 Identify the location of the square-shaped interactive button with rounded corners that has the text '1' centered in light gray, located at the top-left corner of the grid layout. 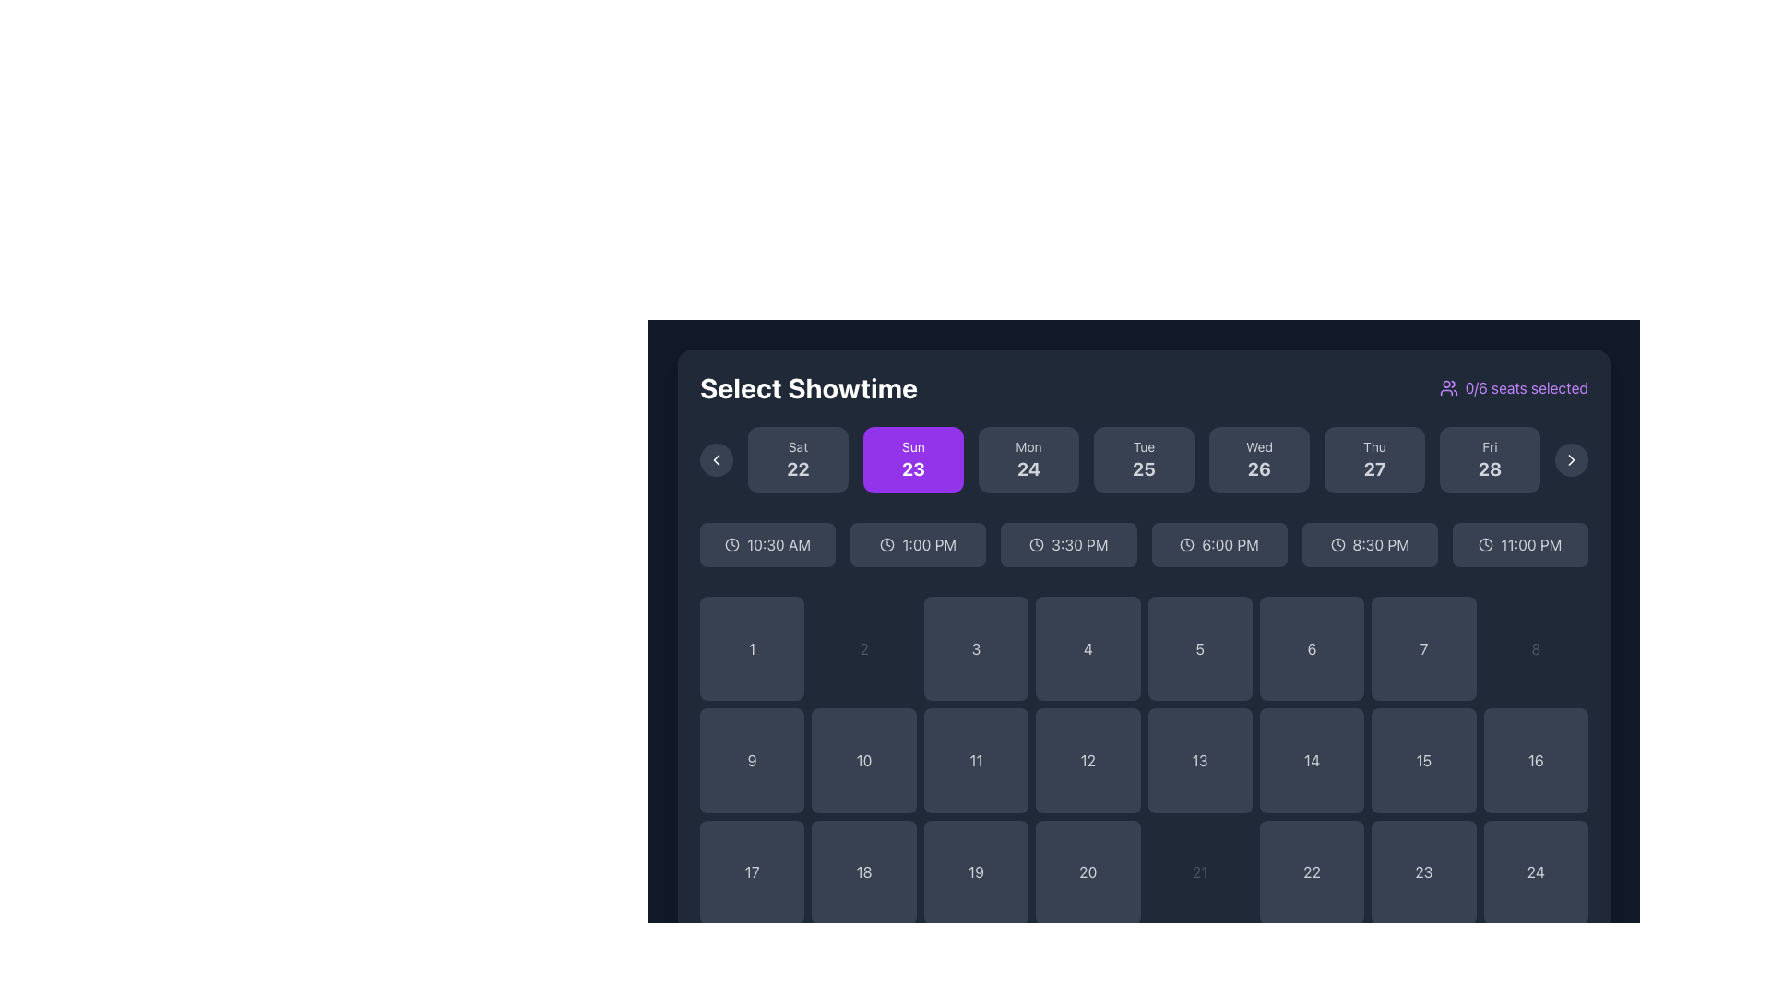
(752, 647).